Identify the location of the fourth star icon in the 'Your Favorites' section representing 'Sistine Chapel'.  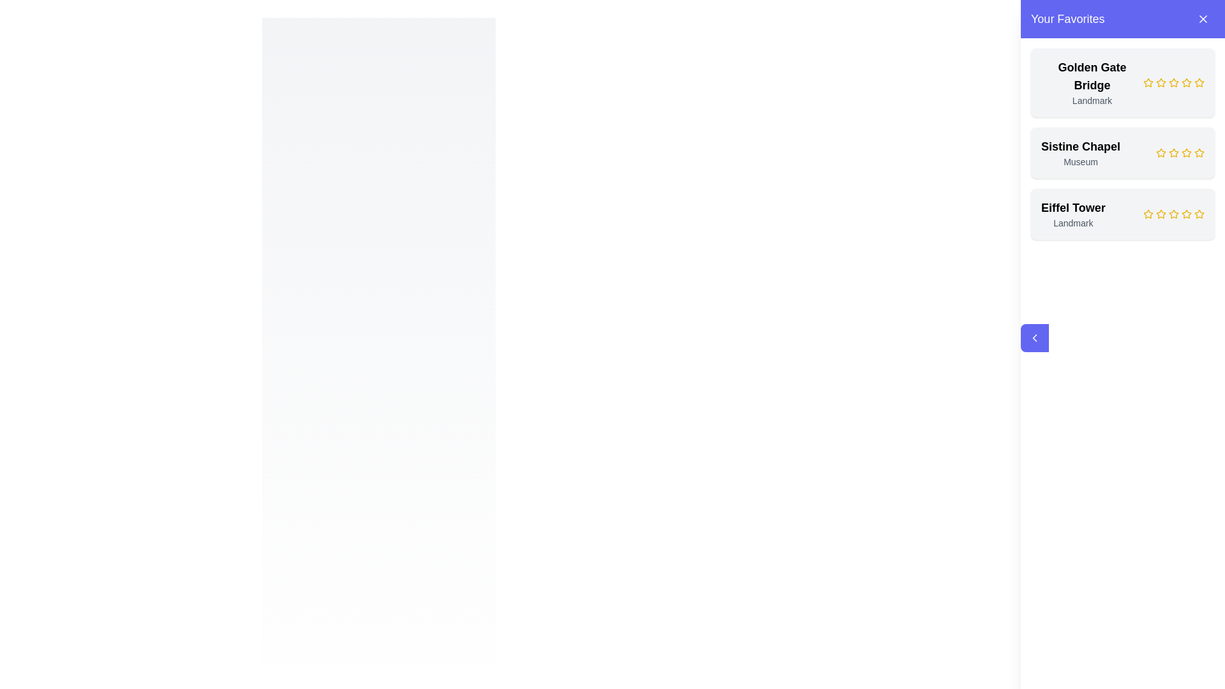
(1179, 152).